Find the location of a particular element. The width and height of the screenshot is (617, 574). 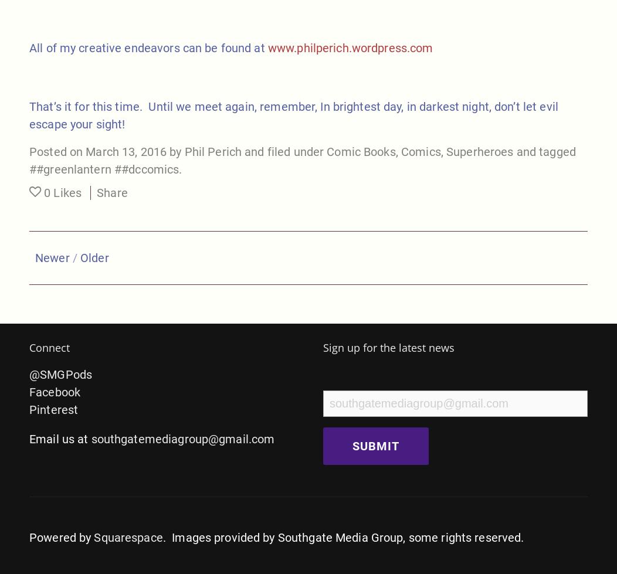

'.  Images provided by Southgate Media Group, some rights reserved.' is located at coordinates (343, 537).